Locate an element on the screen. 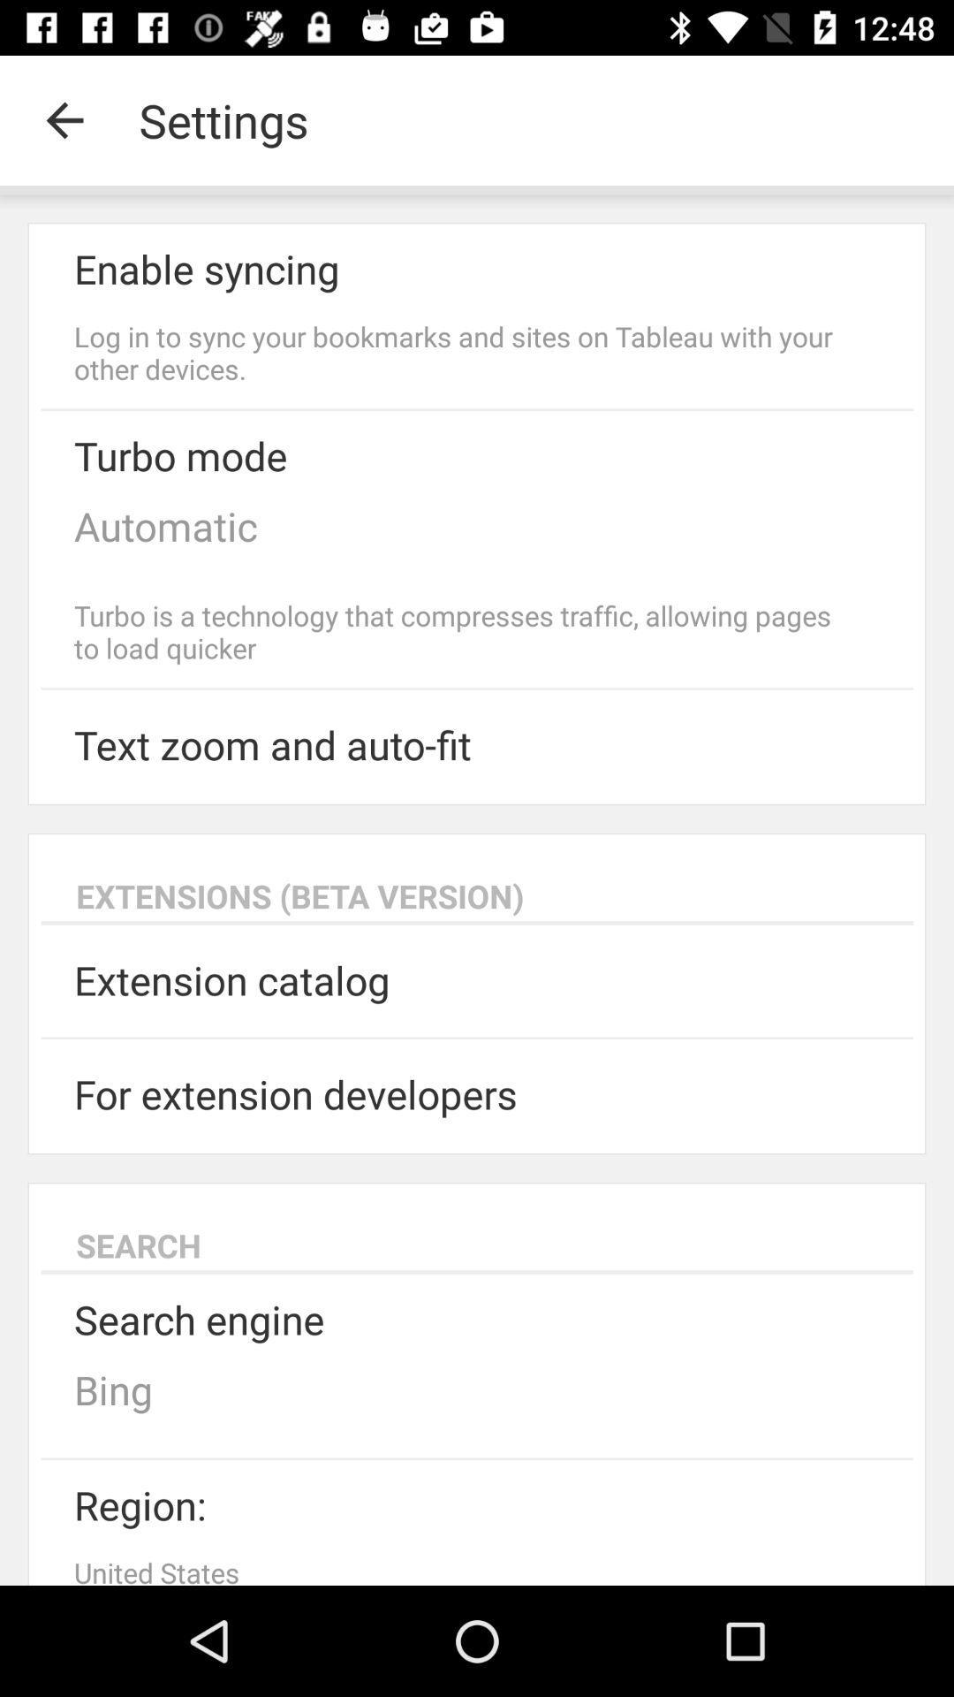 The width and height of the screenshot is (954, 1697). the icon next to settings item is located at coordinates (64, 119).